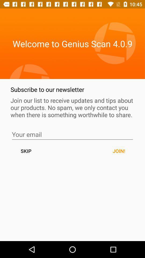 Image resolution: width=145 pixels, height=258 pixels. What do you see at coordinates (26, 151) in the screenshot?
I see `skip button` at bounding box center [26, 151].